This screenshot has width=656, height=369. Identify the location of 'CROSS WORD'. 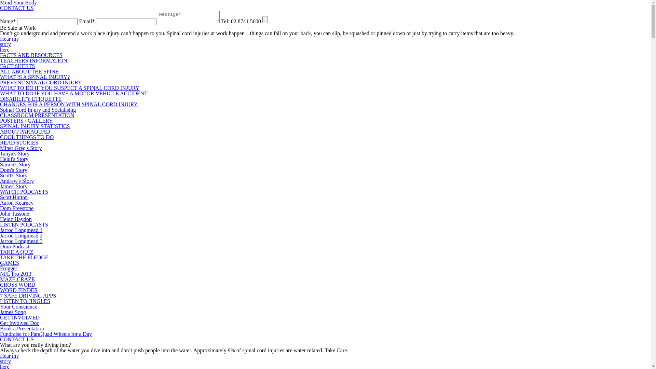
(0, 285).